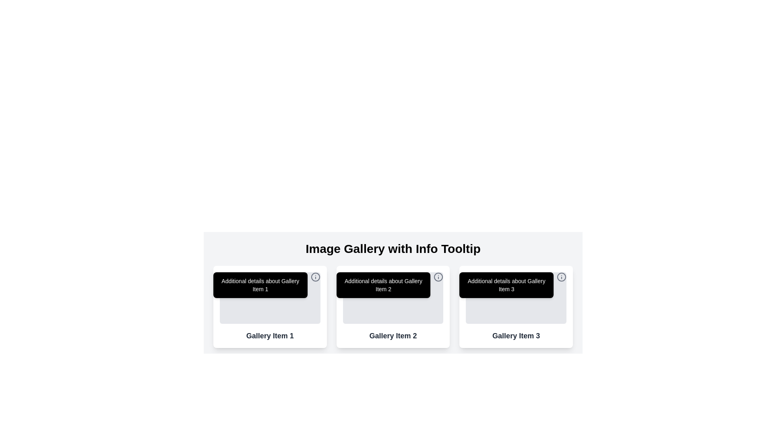  Describe the element at coordinates (270, 336) in the screenshot. I see `the text label displaying 'Gallery Item 1', which is styled in bold, medium size, and dark gray color, located below the image placeholder in the first card from the left` at that location.